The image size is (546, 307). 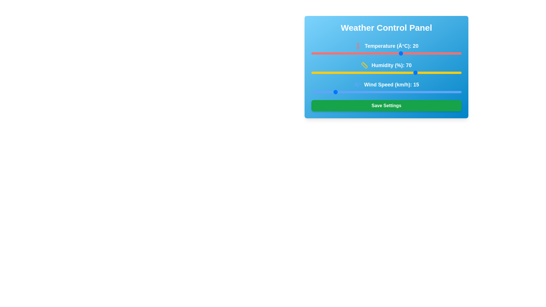 What do you see at coordinates (386, 48) in the screenshot?
I see `the temperature setting text label and icon combination in the Weather Control Panel, which is the first entry in the vertical stack of settings` at bounding box center [386, 48].